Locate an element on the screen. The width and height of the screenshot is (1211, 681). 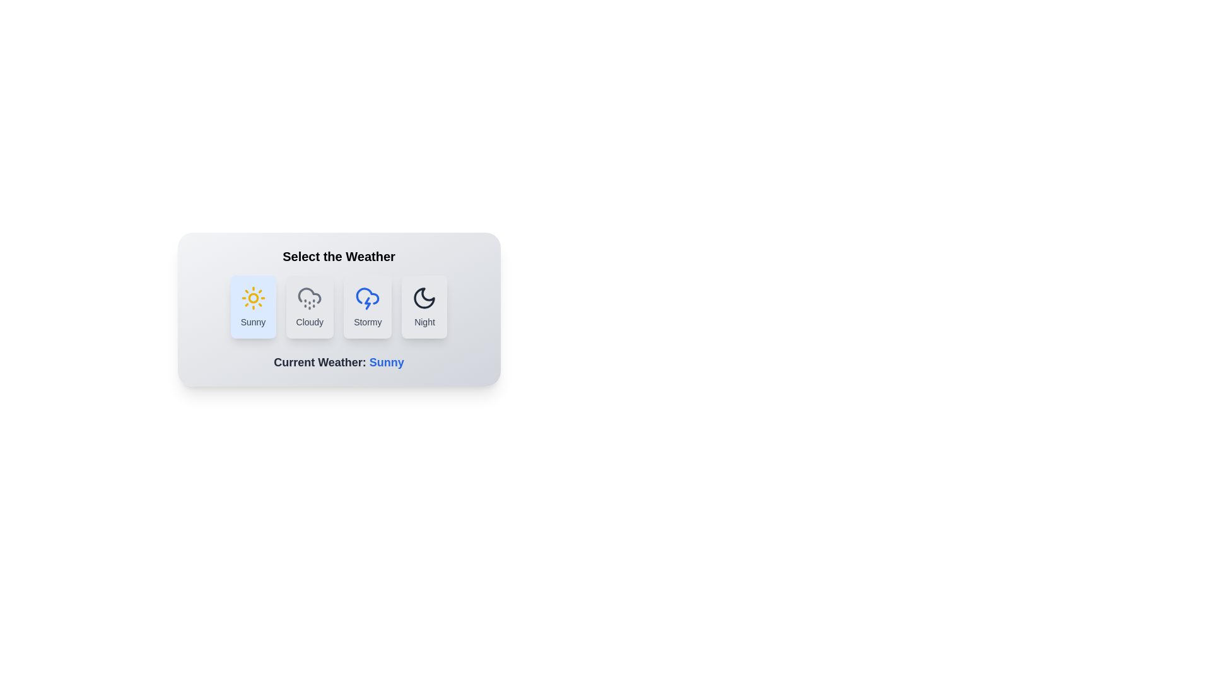
the Night button to select the corresponding weather option is located at coordinates (424, 306).